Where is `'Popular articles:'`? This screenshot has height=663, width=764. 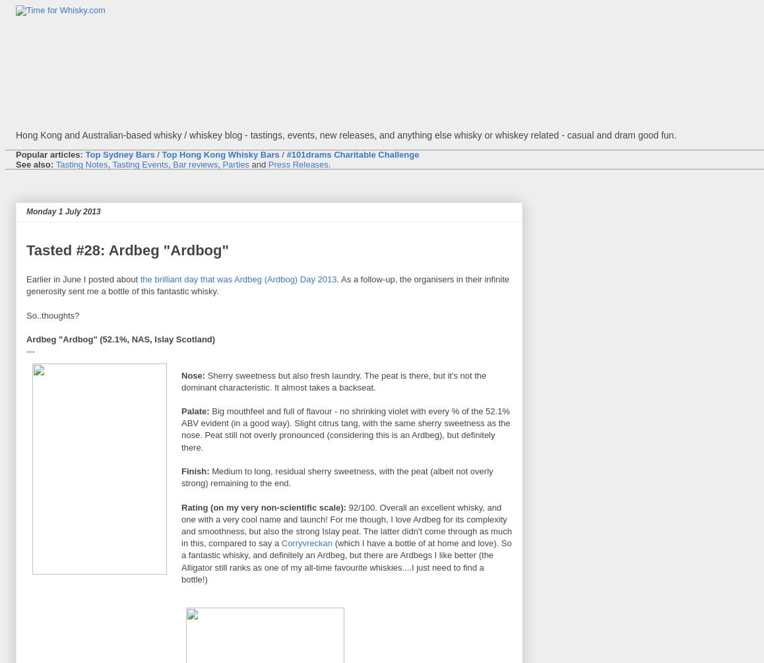
'Popular articles:' is located at coordinates (49, 154).